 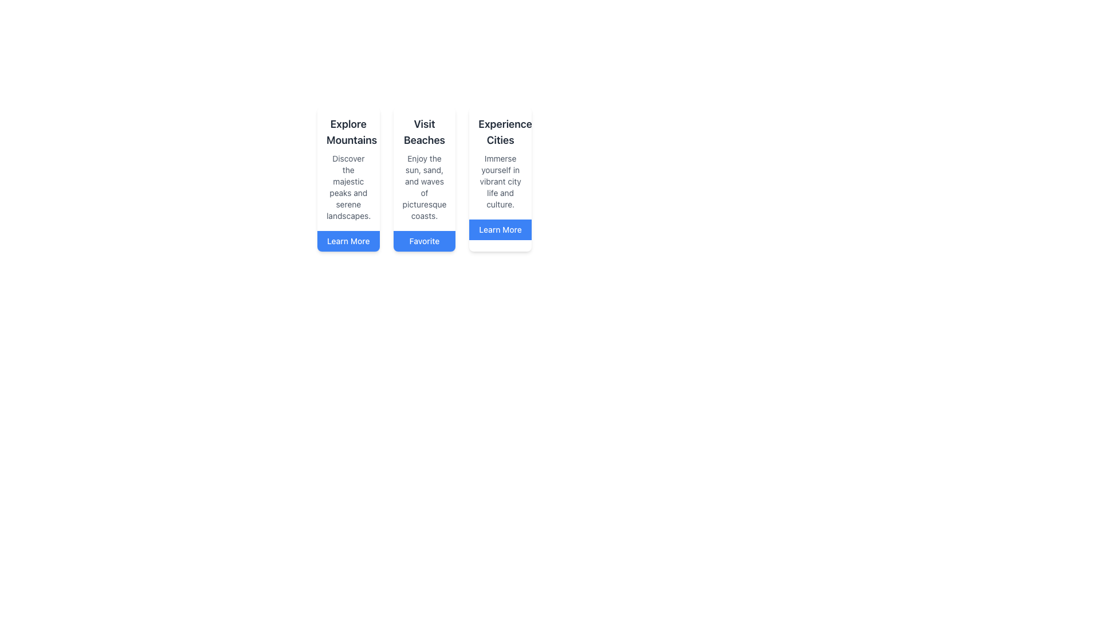 What do you see at coordinates (500, 163) in the screenshot?
I see `informational text block that contains the bold text 'Experience Cities' and the smaller text 'Immerse yourself in vibrant city life and culture.' This block is located in the third card from the left in a grid layout, above a 'Learn More' button` at bounding box center [500, 163].